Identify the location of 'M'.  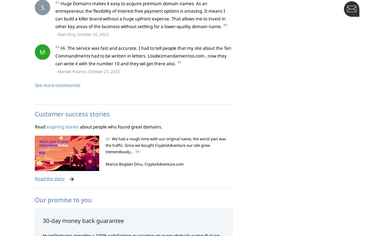
(42, 52).